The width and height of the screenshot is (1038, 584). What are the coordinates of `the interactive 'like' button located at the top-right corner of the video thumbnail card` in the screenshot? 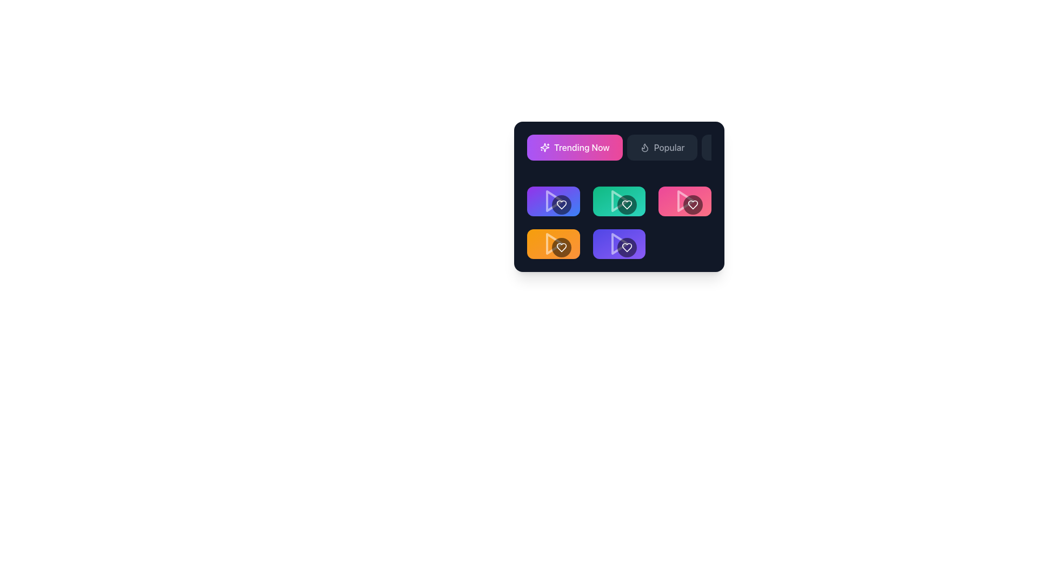 It's located at (561, 247).